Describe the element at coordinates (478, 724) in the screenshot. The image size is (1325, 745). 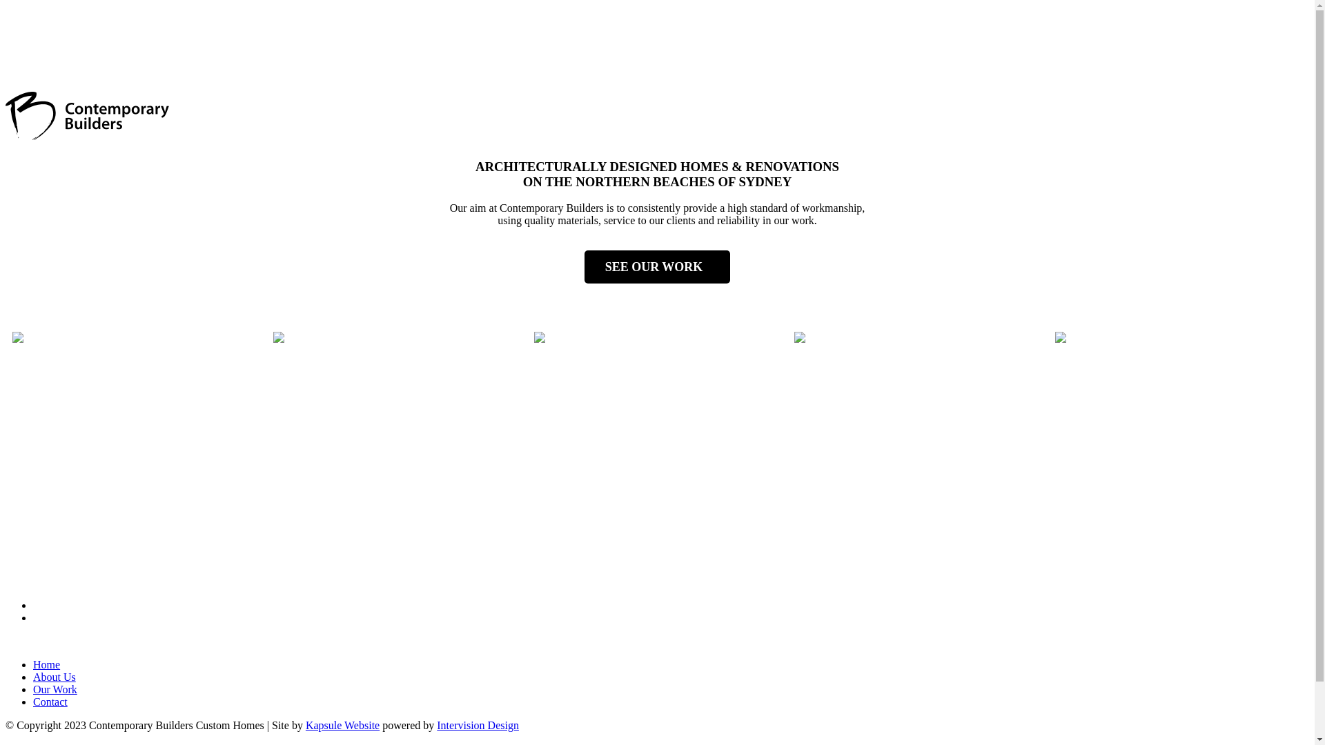
I see `'Intervision Design'` at that location.